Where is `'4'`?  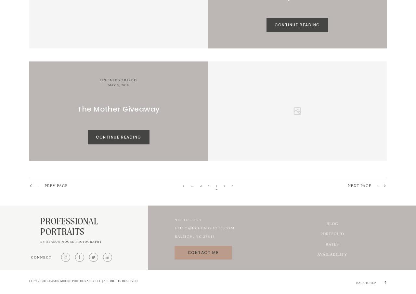
'4' is located at coordinates (207, 185).